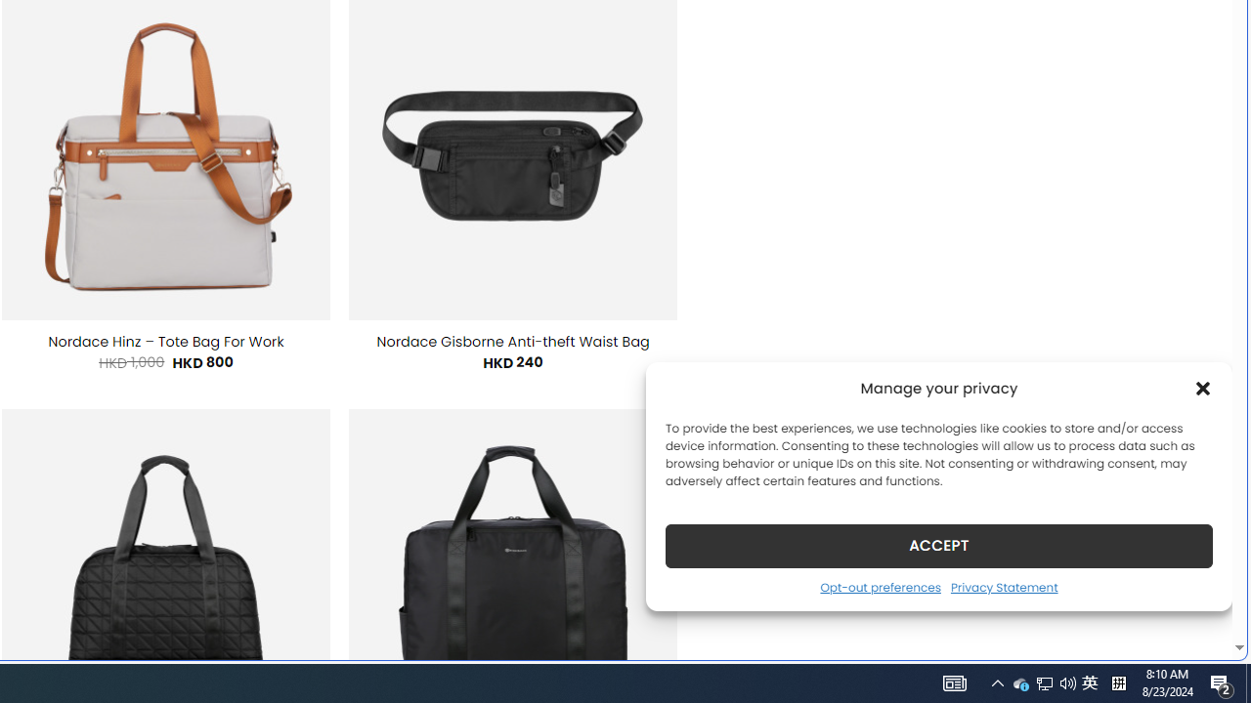 The height and width of the screenshot is (703, 1251). I want to click on 'ACCEPT', so click(939, 545).